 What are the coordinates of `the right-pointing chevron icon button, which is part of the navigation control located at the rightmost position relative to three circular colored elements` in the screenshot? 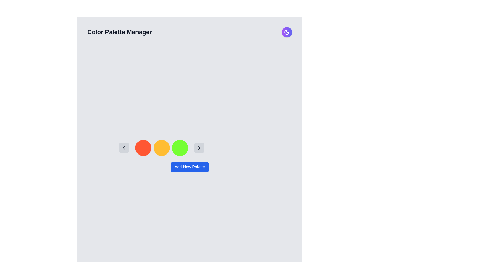 It's located at (199, 148).